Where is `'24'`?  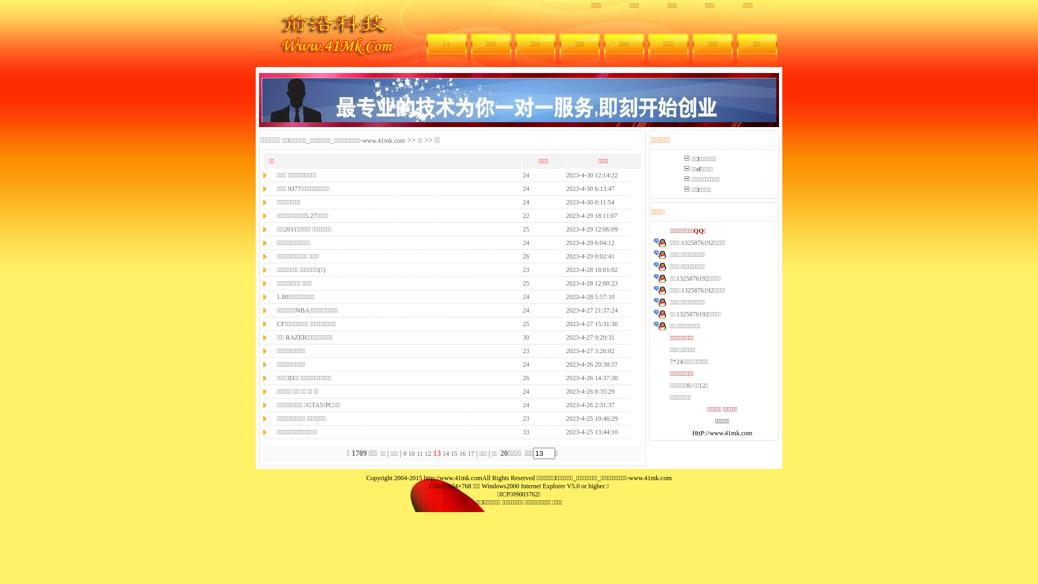
'24' is located at coordinates (526, 188).